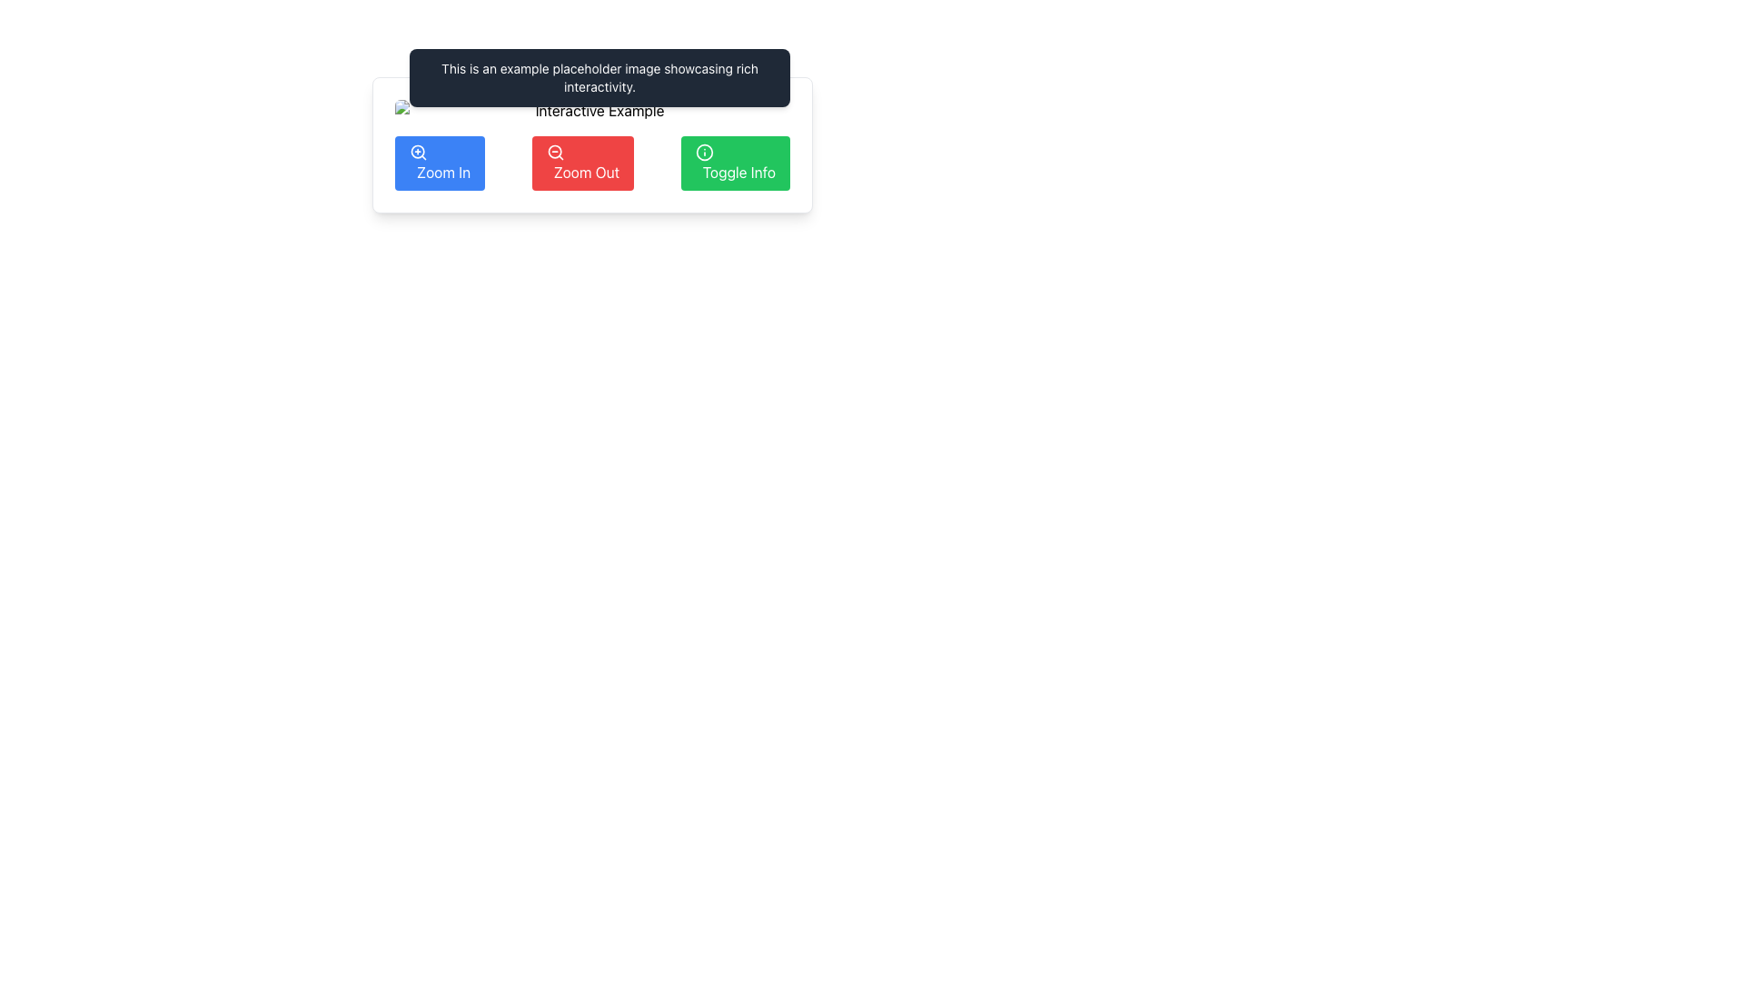 The width and height of the screenshot is (1744, 981). Describe the element at coordinates (586, 172) in the screenshot. I see `descriptive label indicating the functionality of the 'Zoom Out' button, which is positioned to the right of the icon inside the button` at that location.